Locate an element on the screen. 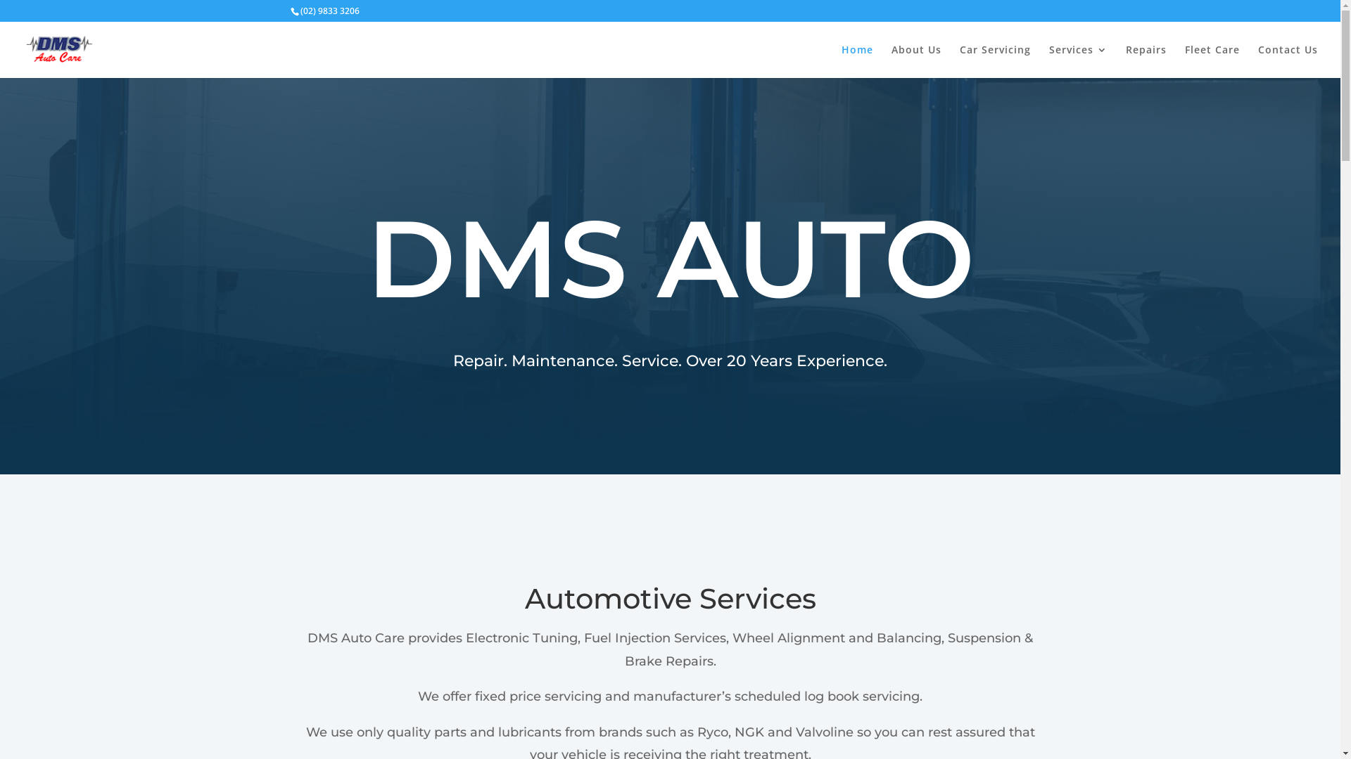  'Services' is located at coordinates (1077, 60).